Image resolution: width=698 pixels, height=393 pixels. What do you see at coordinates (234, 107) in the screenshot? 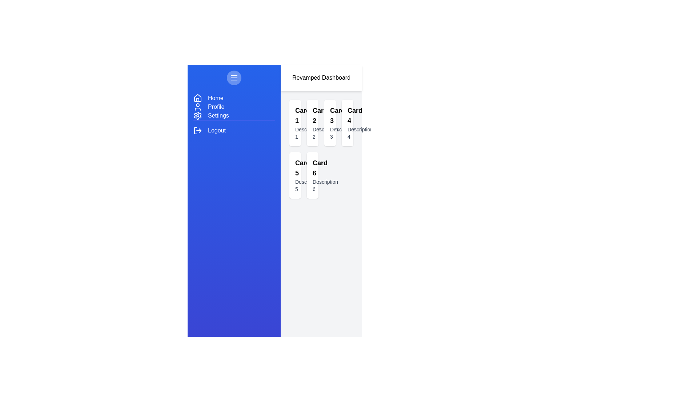
I see `the 'Profile' navigational menu item, which is the second item in the vertical sidebar menu` at bounding box center [234, 107].